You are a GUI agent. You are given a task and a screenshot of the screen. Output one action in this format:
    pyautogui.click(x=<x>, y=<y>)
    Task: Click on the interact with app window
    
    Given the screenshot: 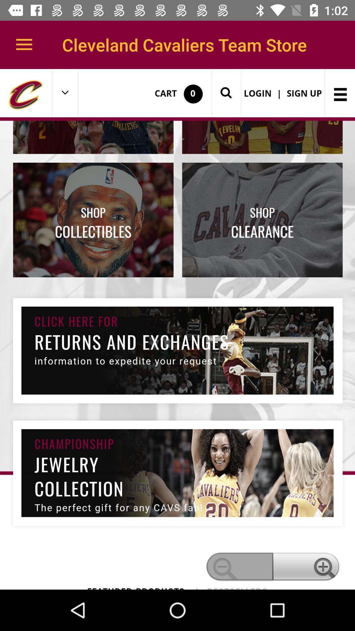 What is the action you would take?
    pyautogui.click(x=177, y=329)
    